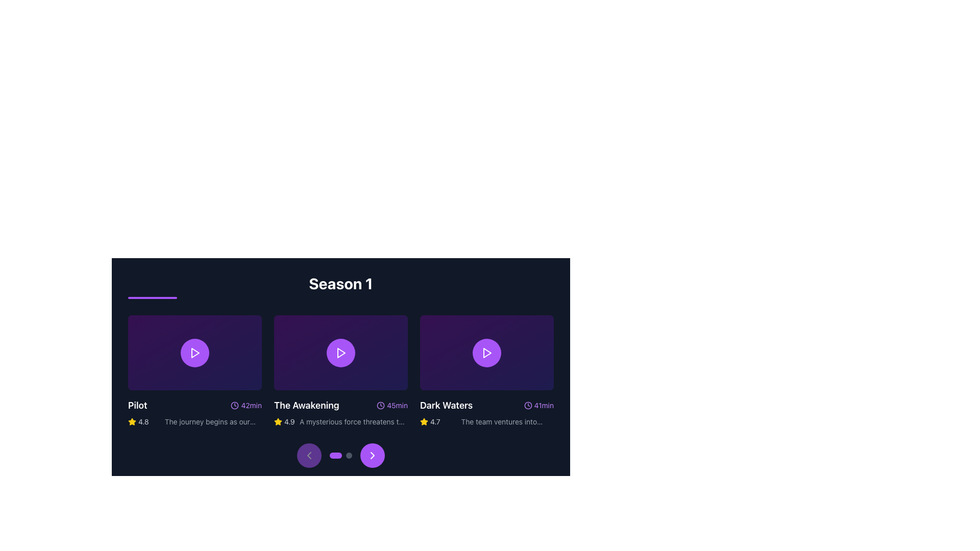  I want to click on the text label located below the title 'Pilot' and beside the yellow star icon with a rating of '4.8', so click(207, 422).